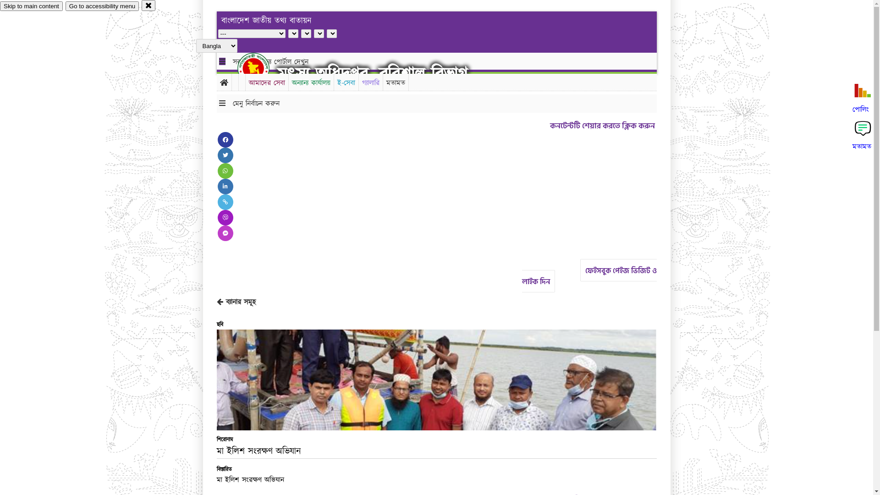 This screenshot has width=880, height=495. I want to click on 'Skip to main content', so click(0, 6).